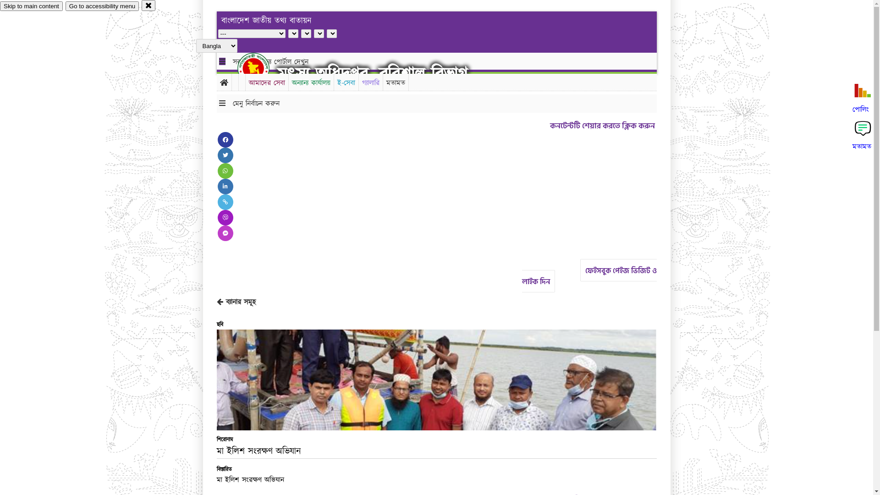 This screenshot has width=880, height=495. I want to click on 'Skip to main content', so click(0, 6).